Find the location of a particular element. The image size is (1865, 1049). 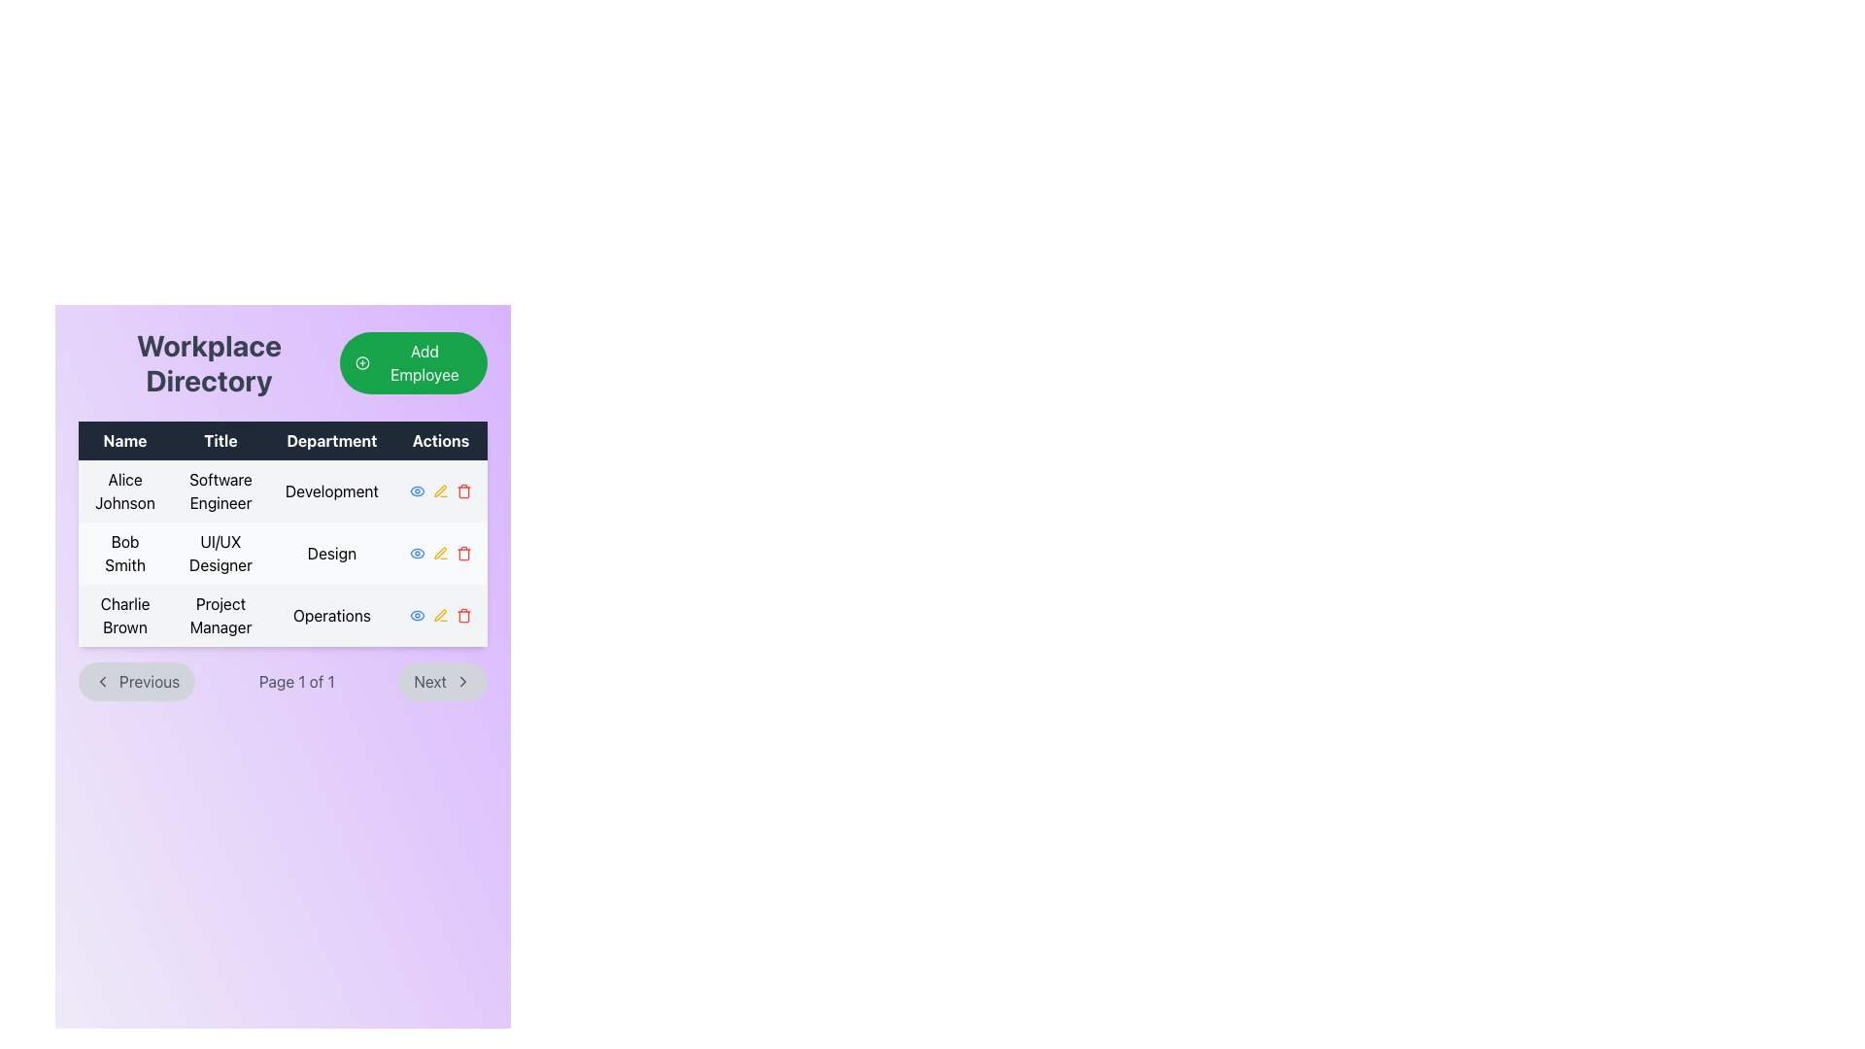

the trash bin icon in the 'Actions' column for 'Bob Smith' is located at coordinates (462, 555).